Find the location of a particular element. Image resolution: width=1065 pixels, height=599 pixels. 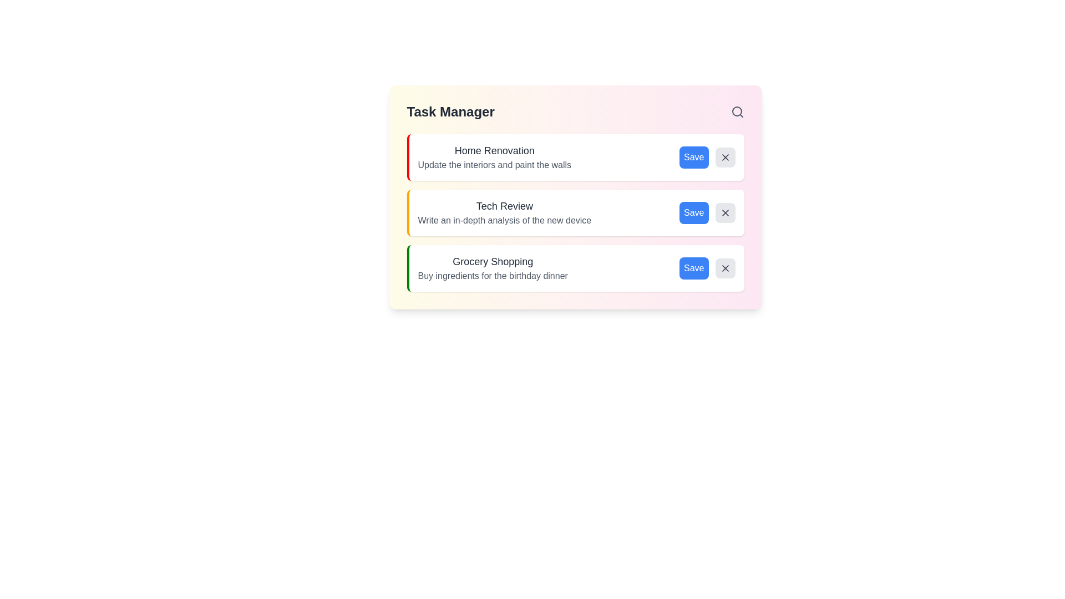

the title of the task item Home Renovation is located at coordinates (494, 151).